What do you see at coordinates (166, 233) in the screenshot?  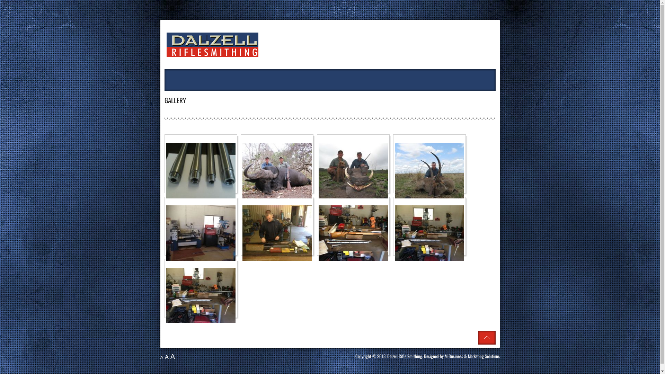 I see `'Click to enlarge image IMG_1456.jpg'` at bounding box center [166, 233].